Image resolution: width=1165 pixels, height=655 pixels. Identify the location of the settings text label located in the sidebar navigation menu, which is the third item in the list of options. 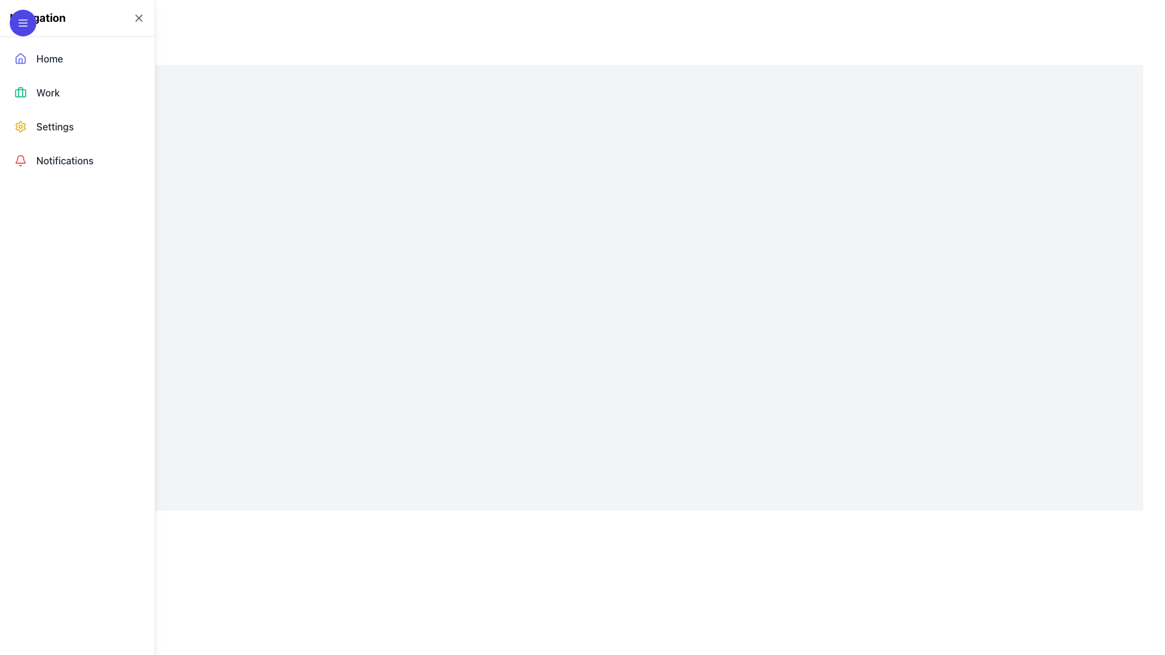
(54, 126).